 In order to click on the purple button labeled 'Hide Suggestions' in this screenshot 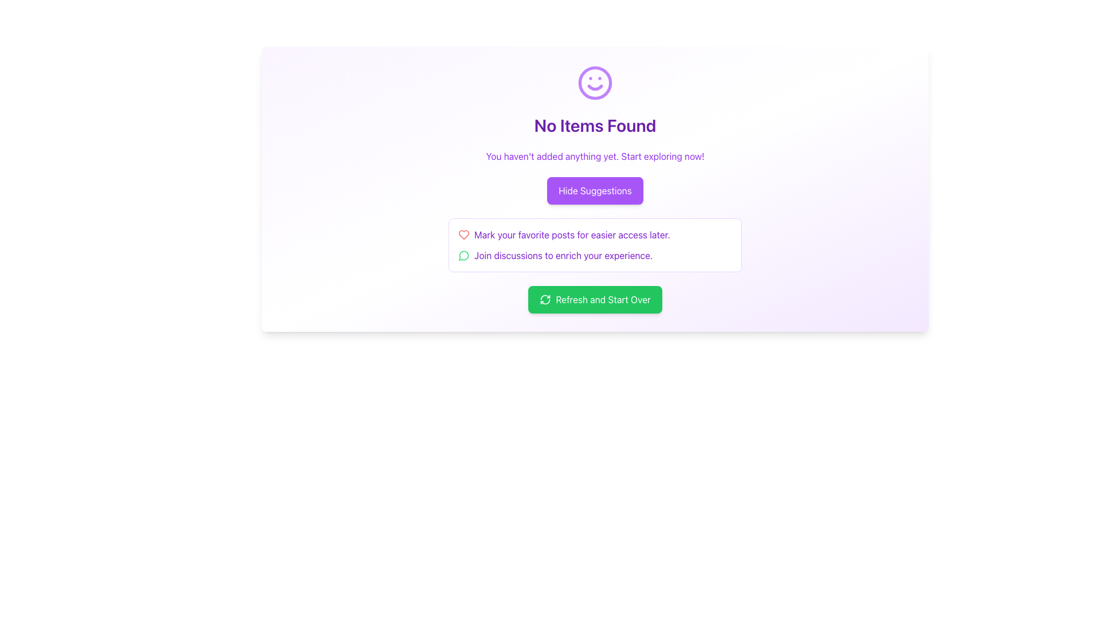, I will do `click(594, 190)`.